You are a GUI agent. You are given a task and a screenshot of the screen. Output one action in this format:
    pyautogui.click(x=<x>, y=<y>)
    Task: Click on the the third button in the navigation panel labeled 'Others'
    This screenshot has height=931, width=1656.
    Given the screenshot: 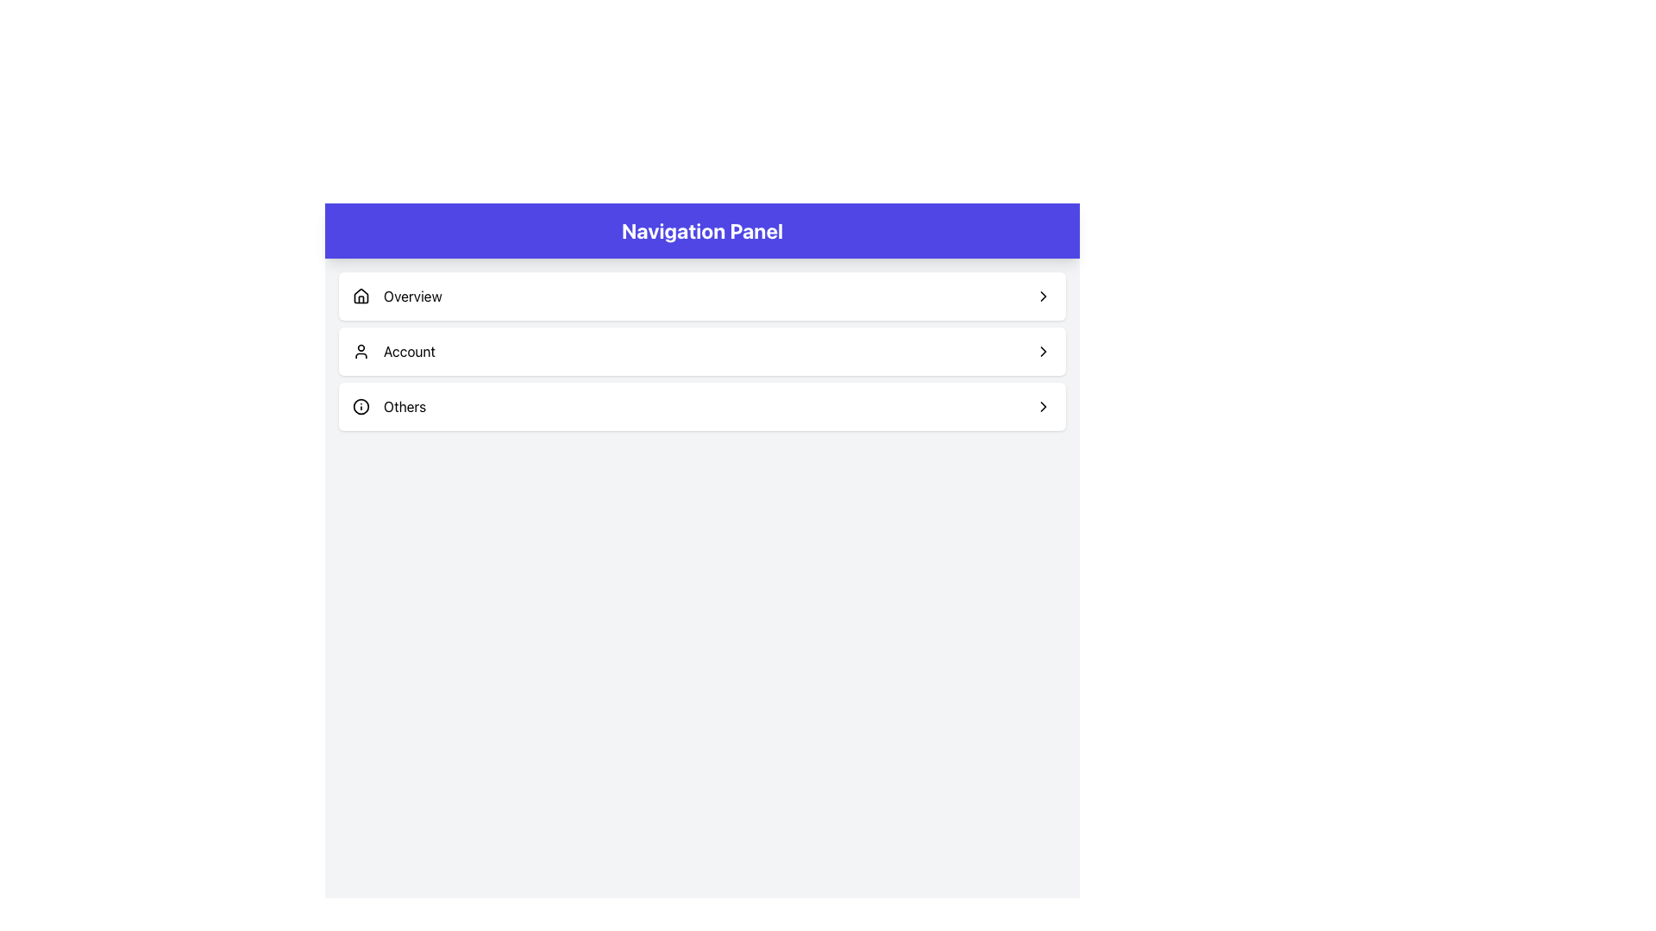 What is the action you would take?
    pyautogui.click(x=702, y=406)
    